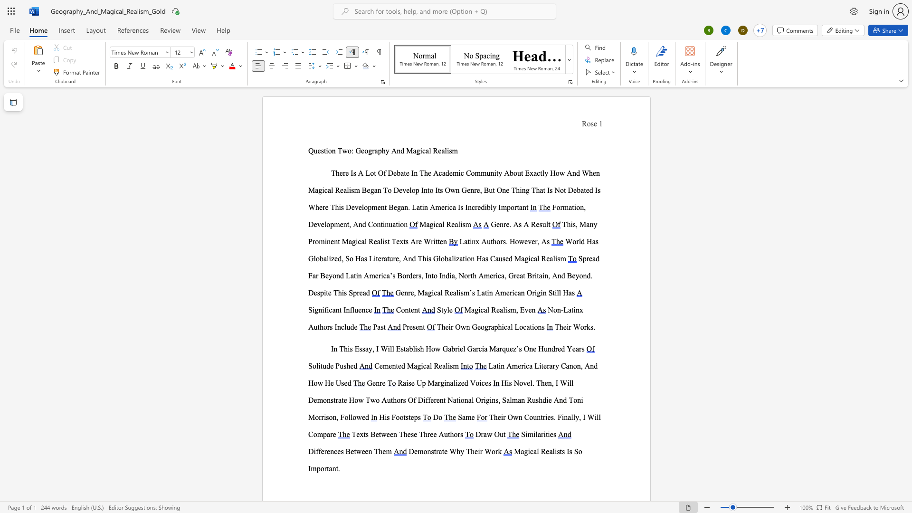 This screenshot has height=513, width=912. What do you see at coordinates (351, 150) in the screenshot?
I see `the space between the continuous character "o" and ":" in the text` at bounding box center [351, 150].